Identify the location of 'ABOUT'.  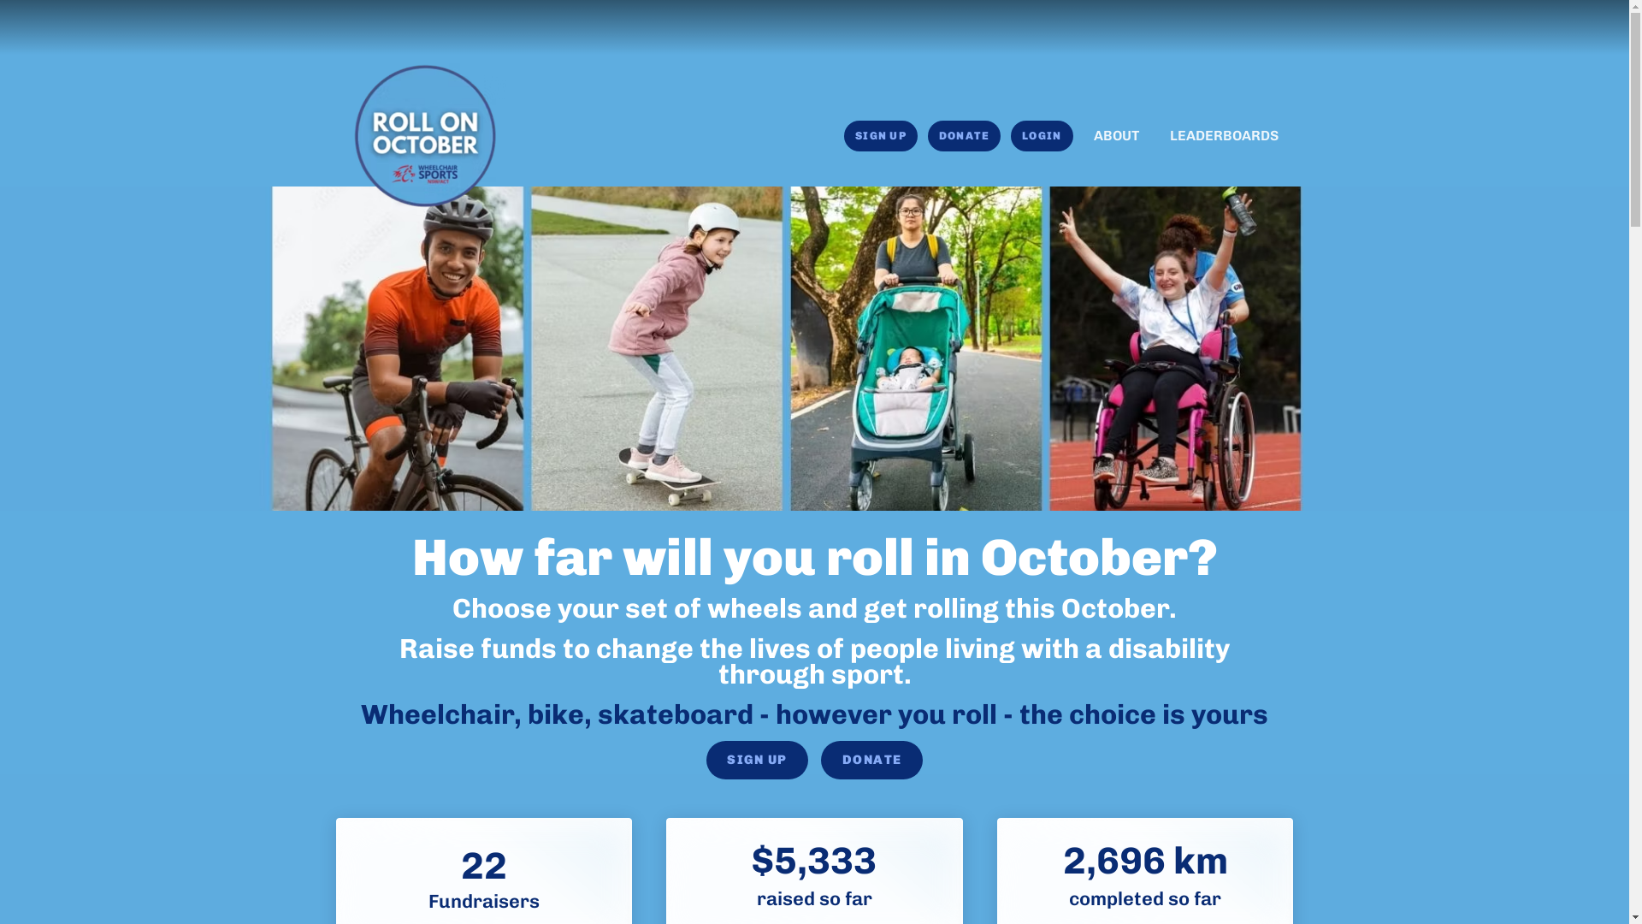
(1115, 134).